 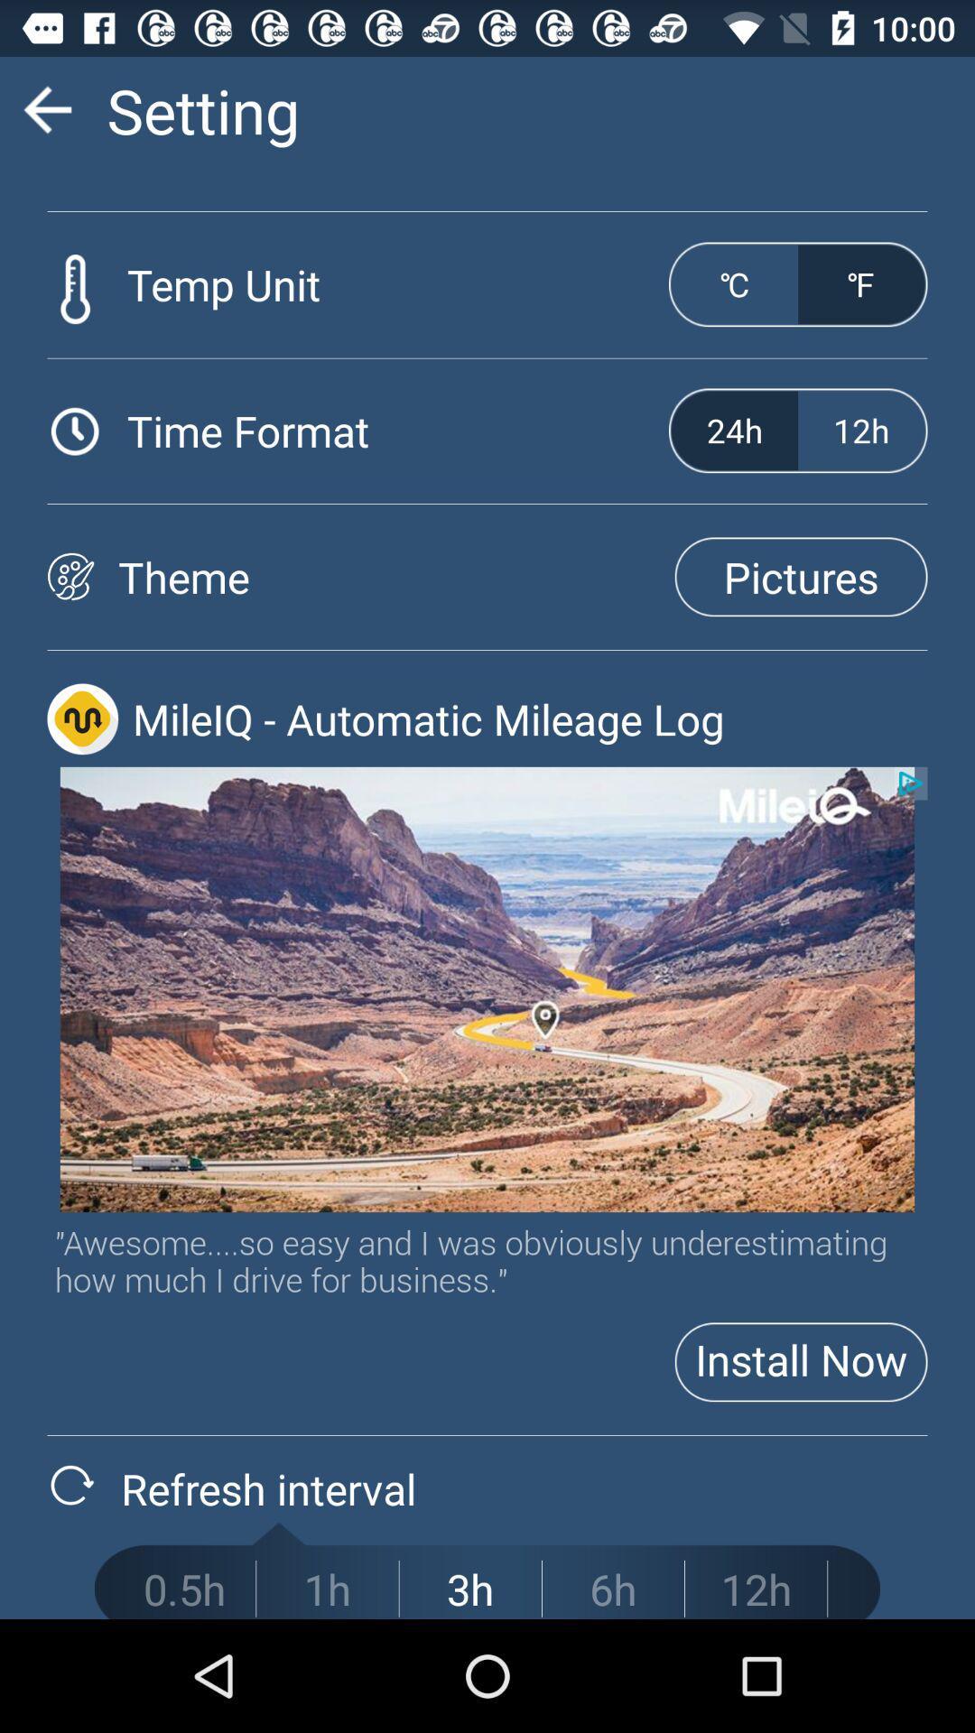 What do you see at coordinates (487, 988) in the screenshot?
I see `expand photo` at bounding box center [487, 988].